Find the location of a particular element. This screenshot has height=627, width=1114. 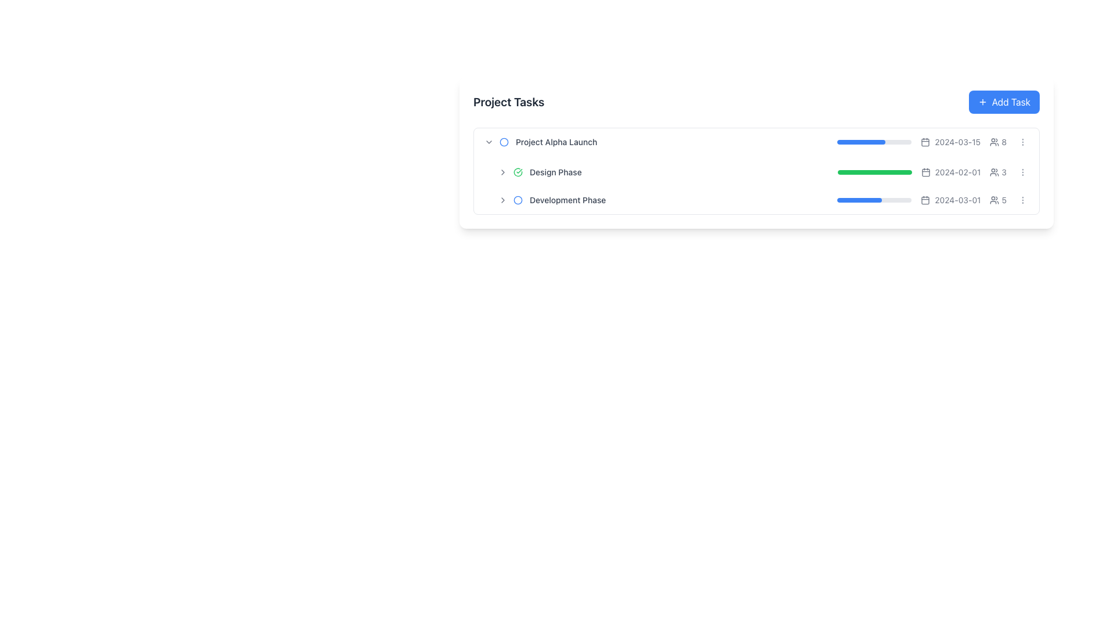

the static text displaying the date '2024-03-01', which is styled with a gray font on a white background and located adjacent to a calendar icon in the third task row labeled 'Development Phase' is located at coordinates (957, 199).